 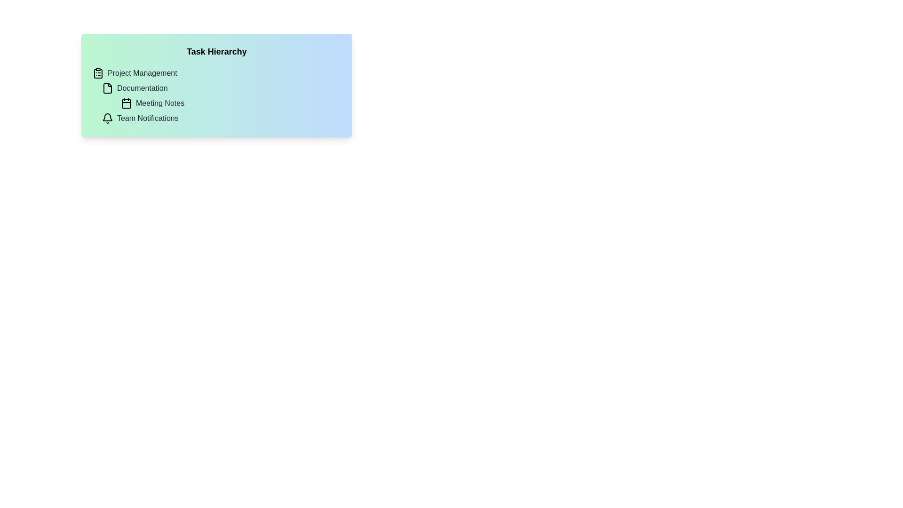 What do you see at coordinates (142, 88) in the screenshot?
I see `the Text Label displaying 'Documentation', which is styled in gray and positioned between 'Project Management' and 'Meeting Notes'` at bounding box center [142, 88].